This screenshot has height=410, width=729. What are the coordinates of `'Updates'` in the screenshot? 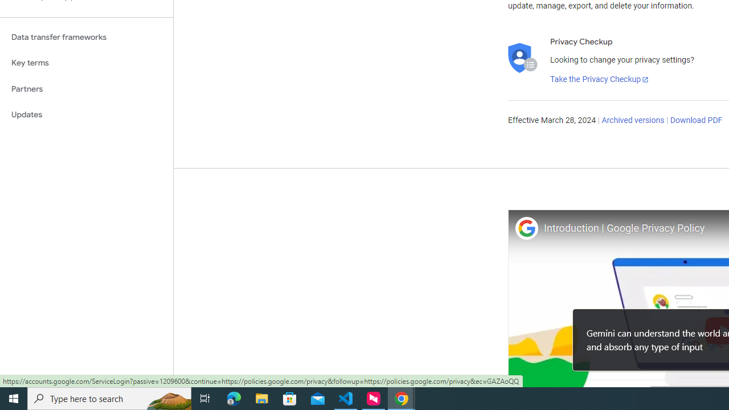 It's located at (86, 114).